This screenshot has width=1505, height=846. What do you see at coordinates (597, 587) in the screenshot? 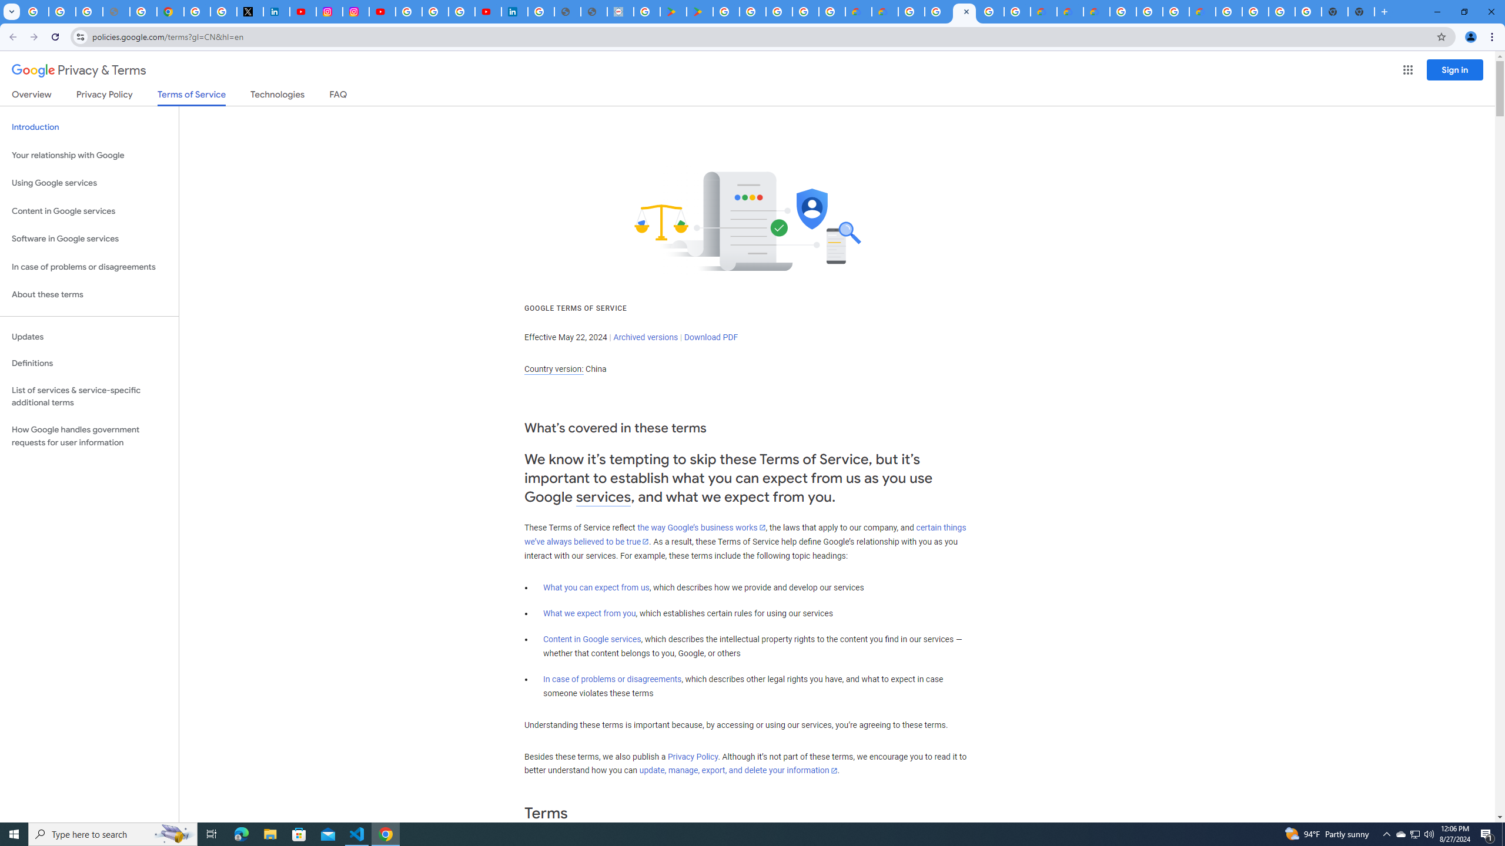
I see `'What you can expect from us'` at bounding box center [597, 587].